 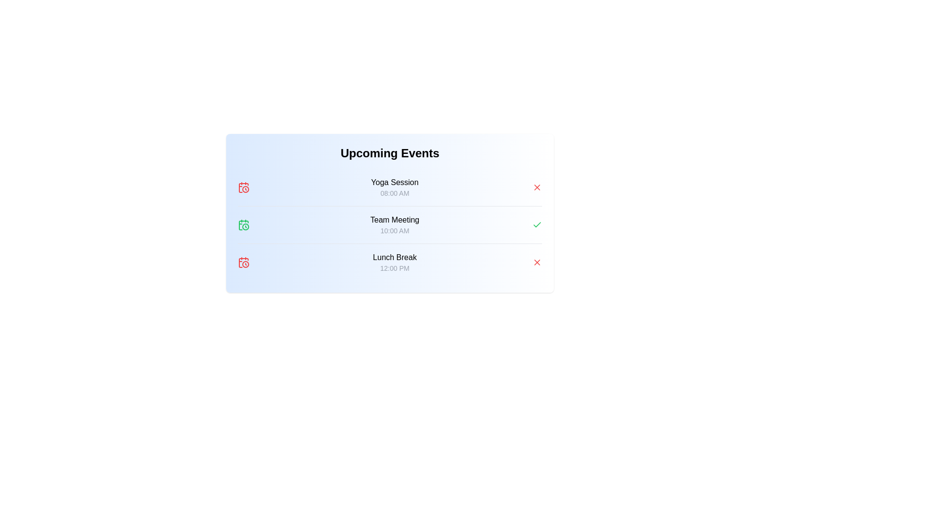 I want to click on the list item titled 'Yoga Session', so click(x=390, y=188).